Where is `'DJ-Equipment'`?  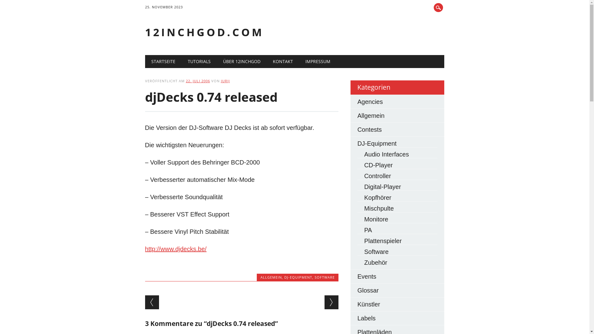
'DJ-Equipment' is located at coordinates (377, 143).